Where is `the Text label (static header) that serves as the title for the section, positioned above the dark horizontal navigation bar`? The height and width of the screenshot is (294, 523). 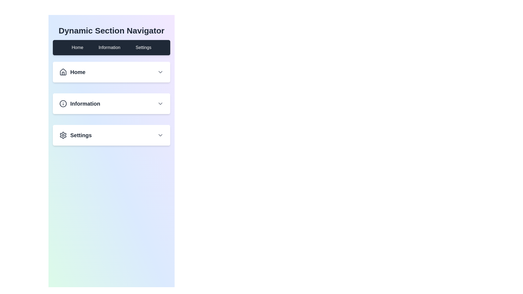
the Text label (static header) that serves as the title for the section, positioned above the dark horizontal navigation bar is located at coordinates (111, 30).